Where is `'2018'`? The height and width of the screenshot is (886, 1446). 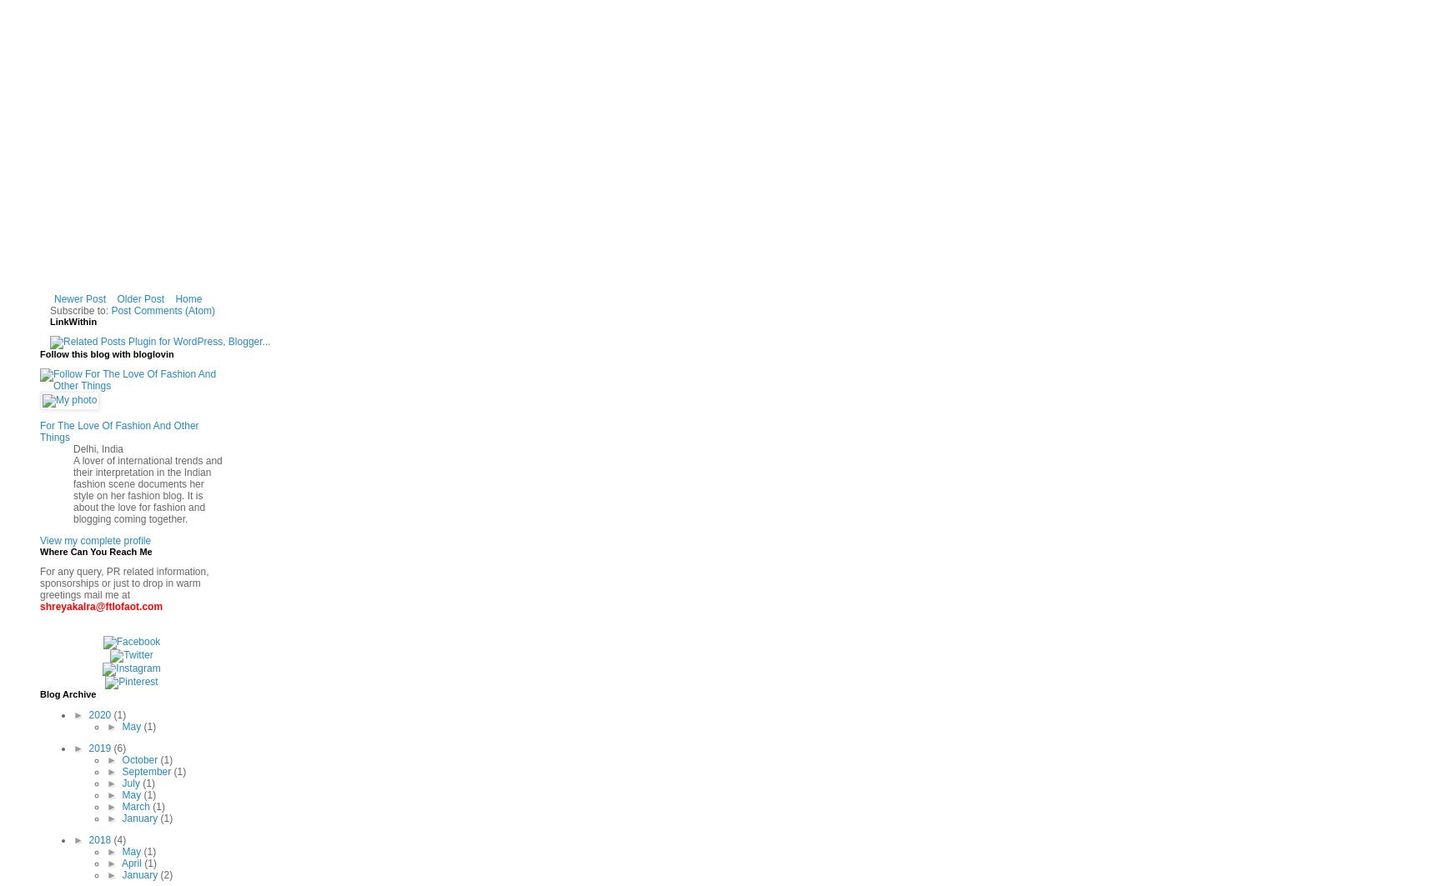 '2018' is located at coordinates (101, 839).